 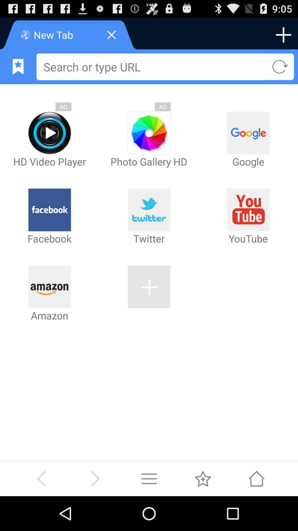 I want to click on the menu icon, so click(x=149, y=512).